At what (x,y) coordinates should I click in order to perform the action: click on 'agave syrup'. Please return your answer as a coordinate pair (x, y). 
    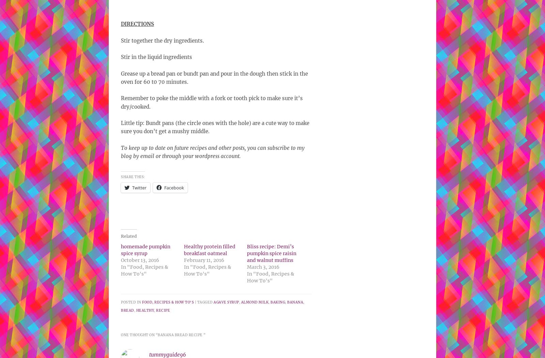
    Looking at the image, I should click on (226, 301).